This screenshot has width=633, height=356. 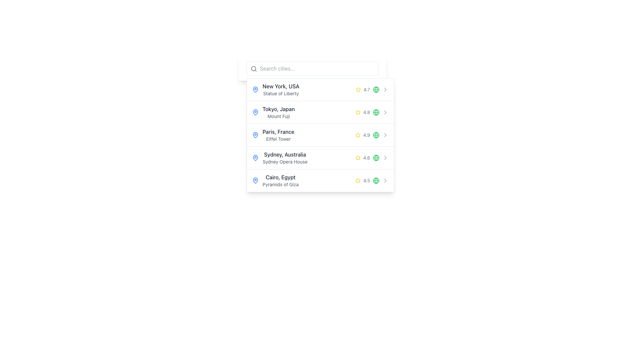 I want to click on the text label displaying the rating '4.9', which is styled in gray and positioned between a yellow star icon and a green globe icon in the 'Paris, France' listing, so click(x=367, y=134).